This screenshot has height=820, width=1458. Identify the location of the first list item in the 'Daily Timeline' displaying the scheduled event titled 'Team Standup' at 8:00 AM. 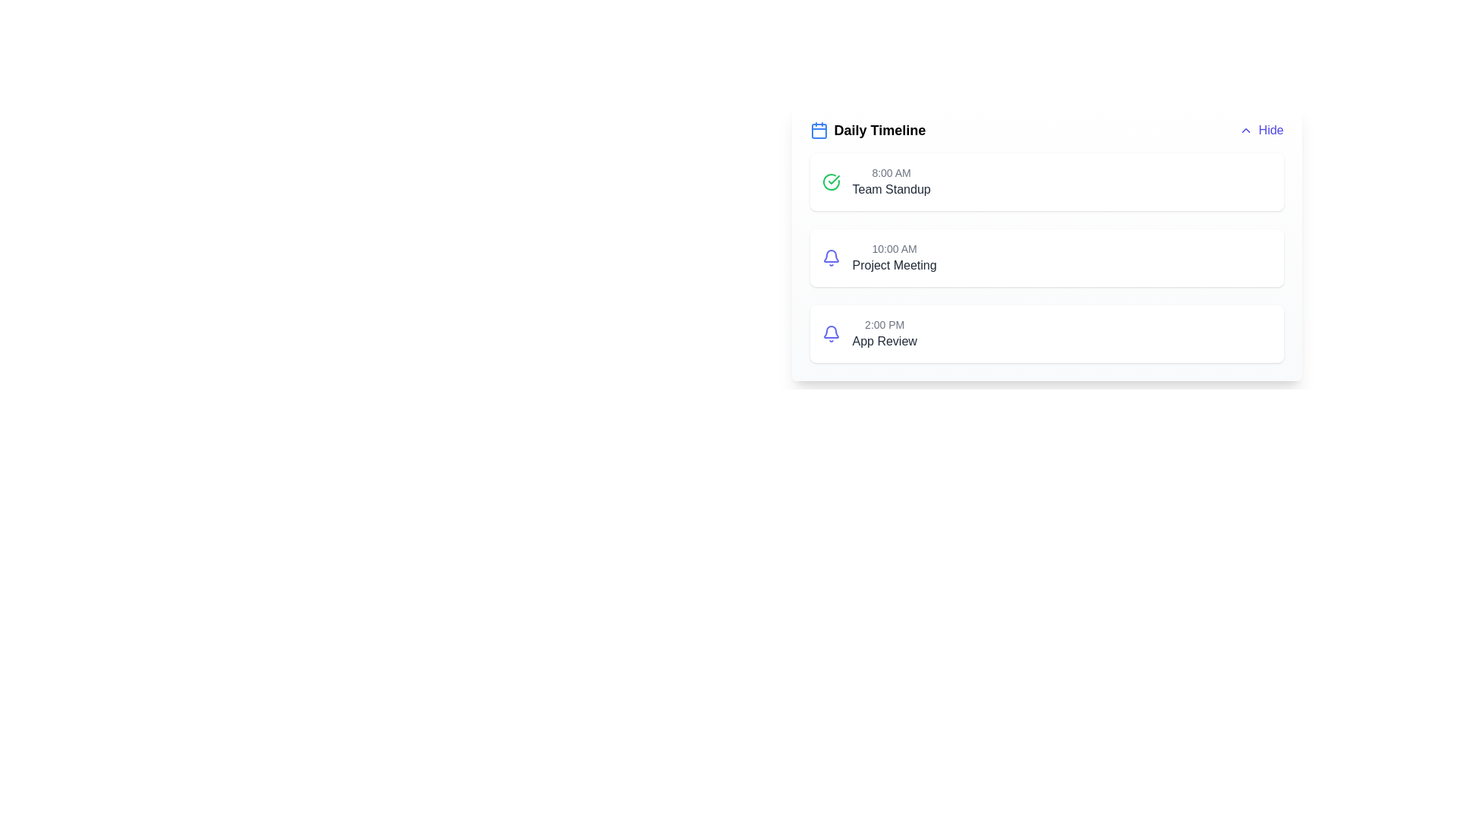
(1046, 181).